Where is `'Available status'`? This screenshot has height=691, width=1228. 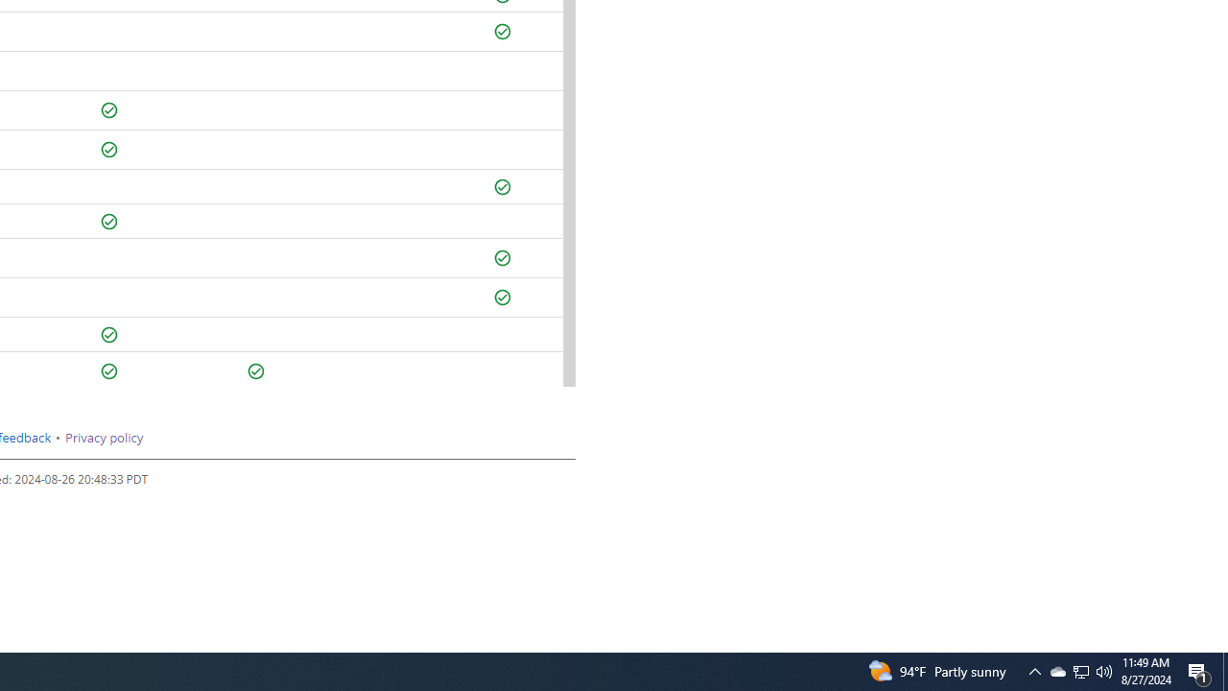 'Available status' is located at coordinates (255, 371).